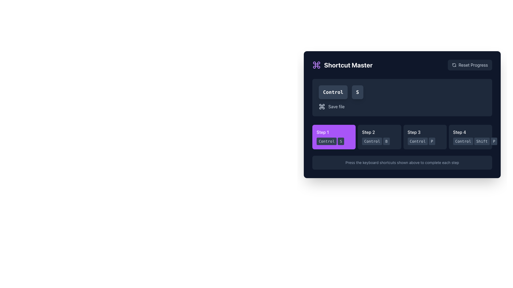  What do you see at coordinates (334, 137) in the screenshot?
I see `the Step indicator box displaying 'Step 1' and 'Control S', which is the leftmost element in a sequence of four, located in the lower section of the interface` at bounding box center [334, 137].